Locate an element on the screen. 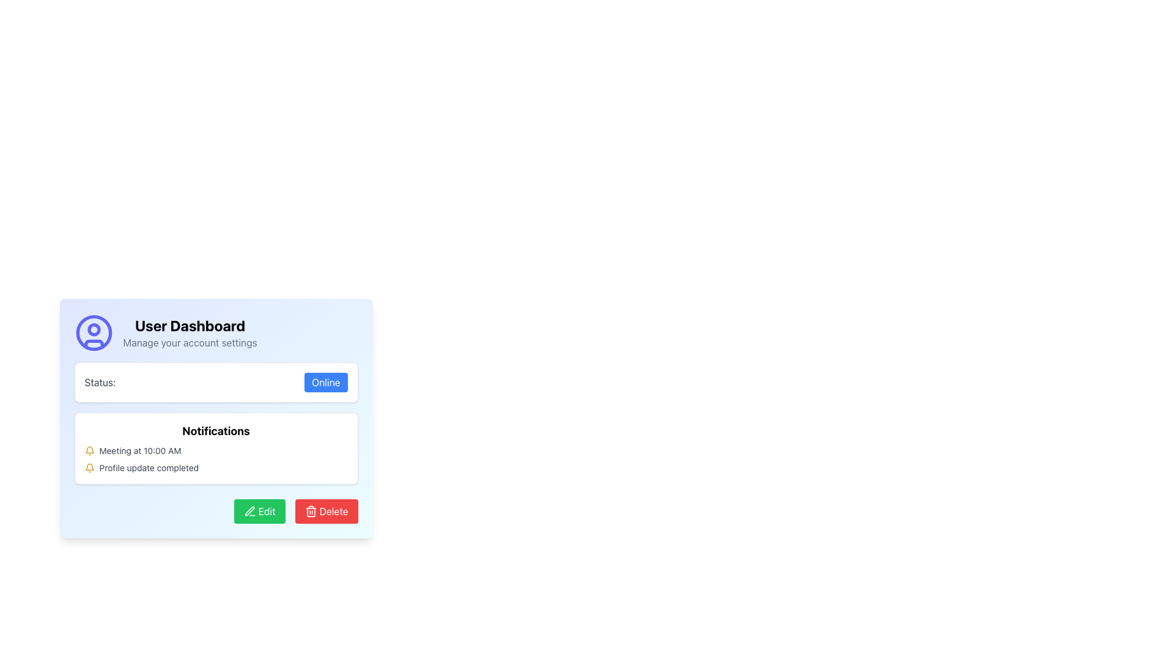 The image size is (1174, 660). the pen-shaped icon with a green background that is part of the 'Edit' button located in the bottom-left region of the interface is located at coordinates (249, 512).